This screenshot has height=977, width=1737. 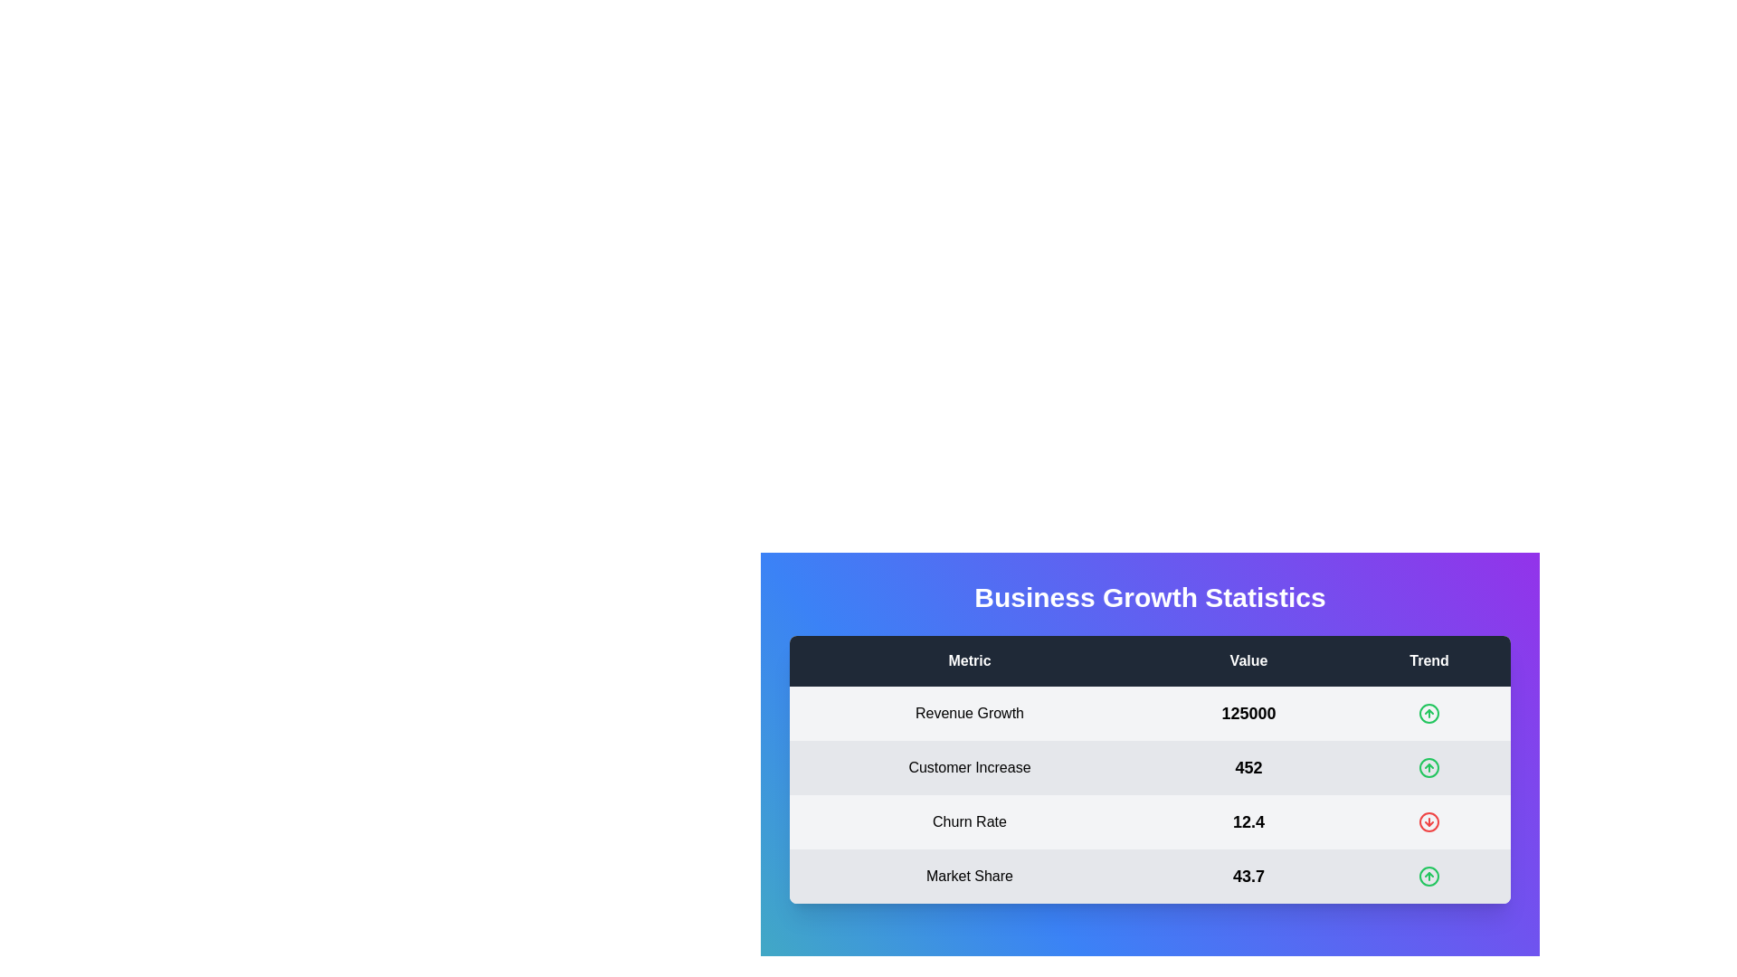 What do you see at coordinates (1248, 661) in the screenshot?
I see `the Value header to sort or filter the data` at bounding box center [1248, 661].